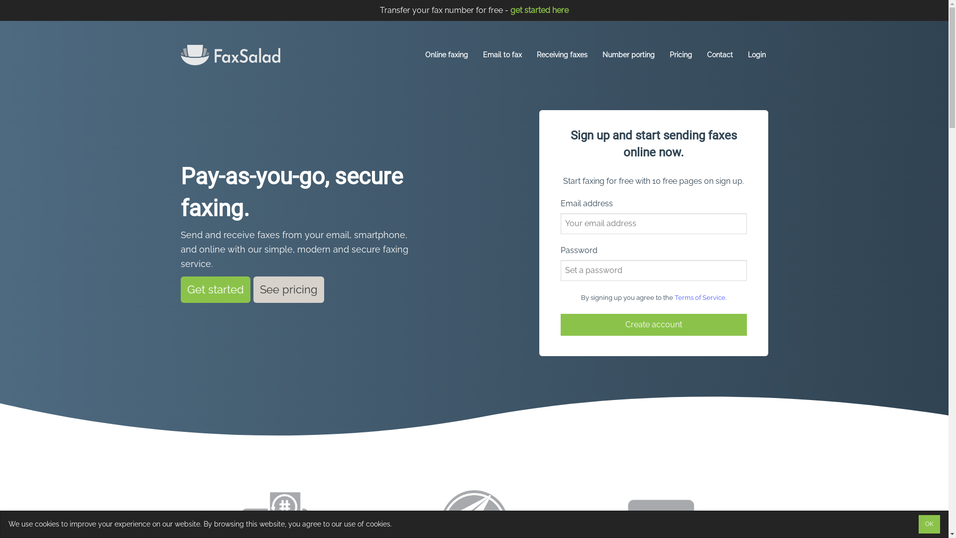 The height and width of the screenshot is (538, 956). What do you see at coordinates (757, 55) in the screenshot?
I see `'Login'` at bounding box center [757, 55].